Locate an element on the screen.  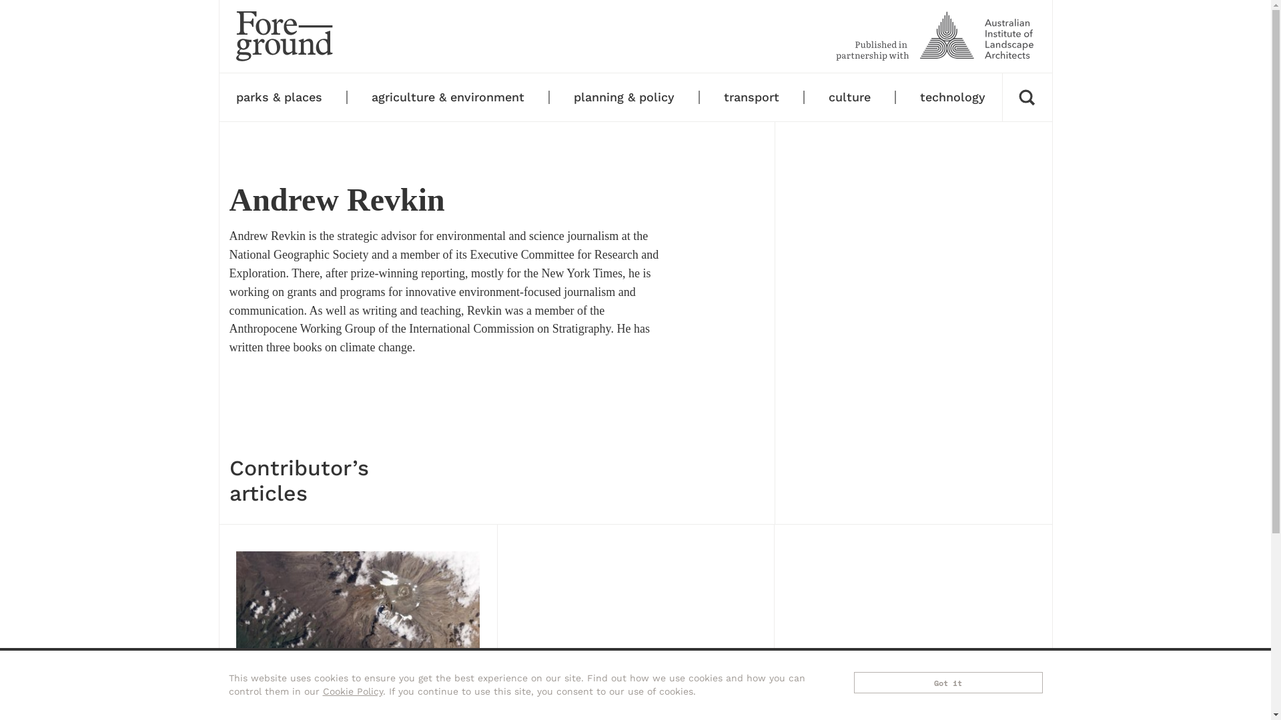
'Cookie Policy' is located at coordinates (352, 691).